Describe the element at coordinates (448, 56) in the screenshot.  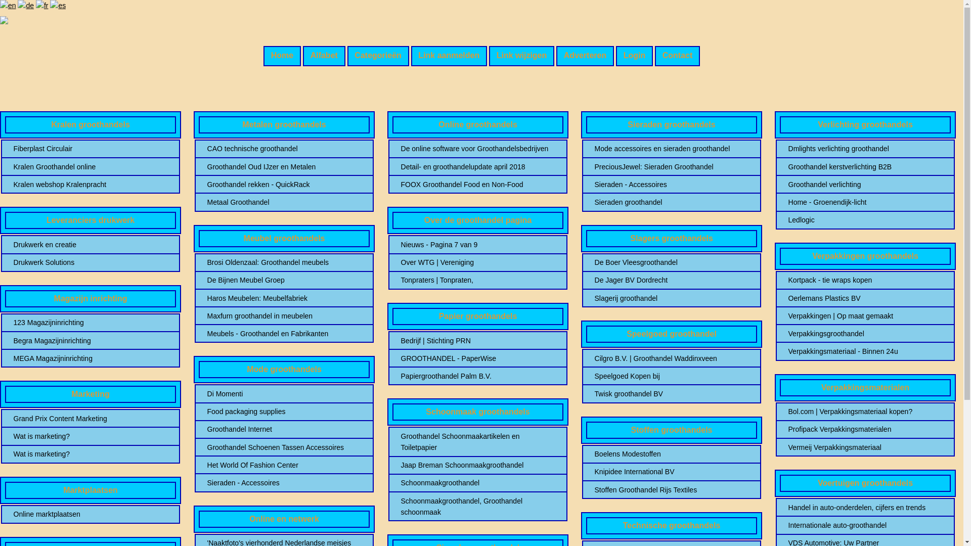
I see `'Link aanmelden'` at that location.